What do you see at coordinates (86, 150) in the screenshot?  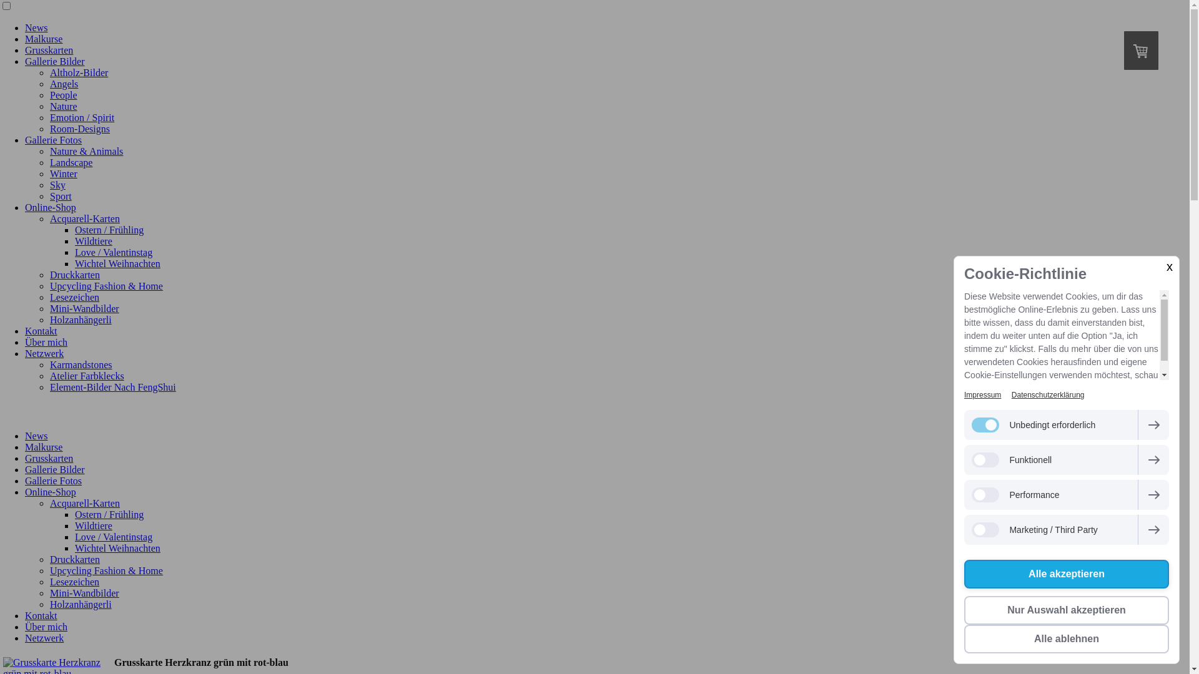 I see `'Nature & Animals'` at bounding box center [86, 150].